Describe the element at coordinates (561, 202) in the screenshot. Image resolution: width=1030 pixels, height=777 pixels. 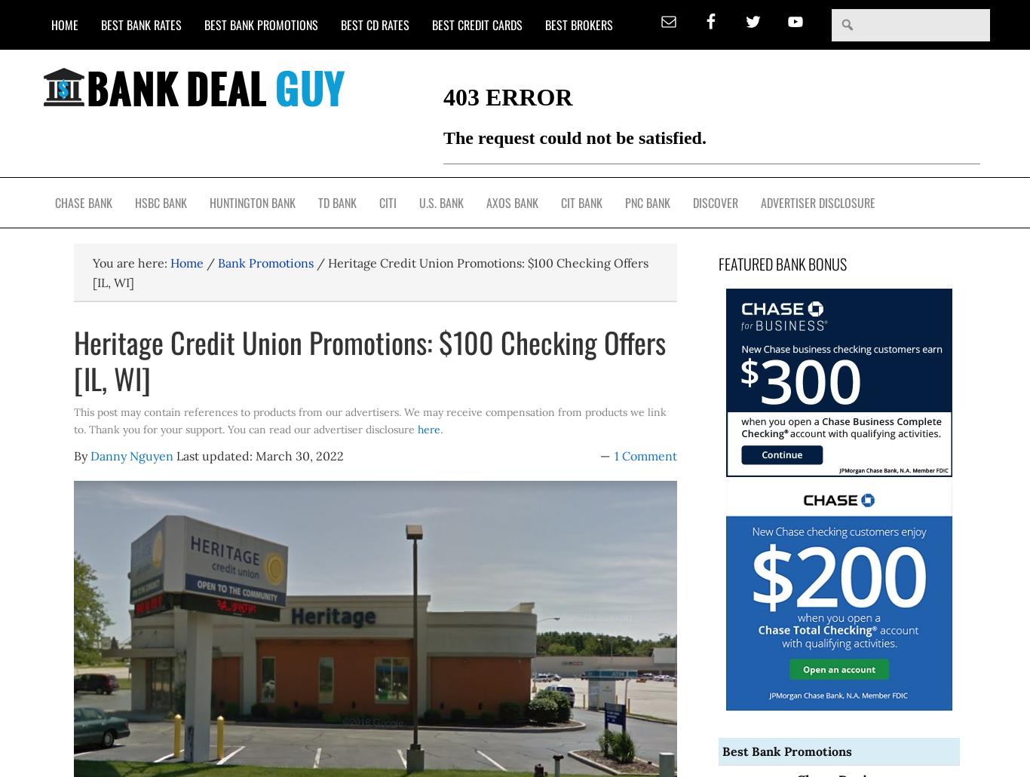
I see `'CIT Bank'` at that location.